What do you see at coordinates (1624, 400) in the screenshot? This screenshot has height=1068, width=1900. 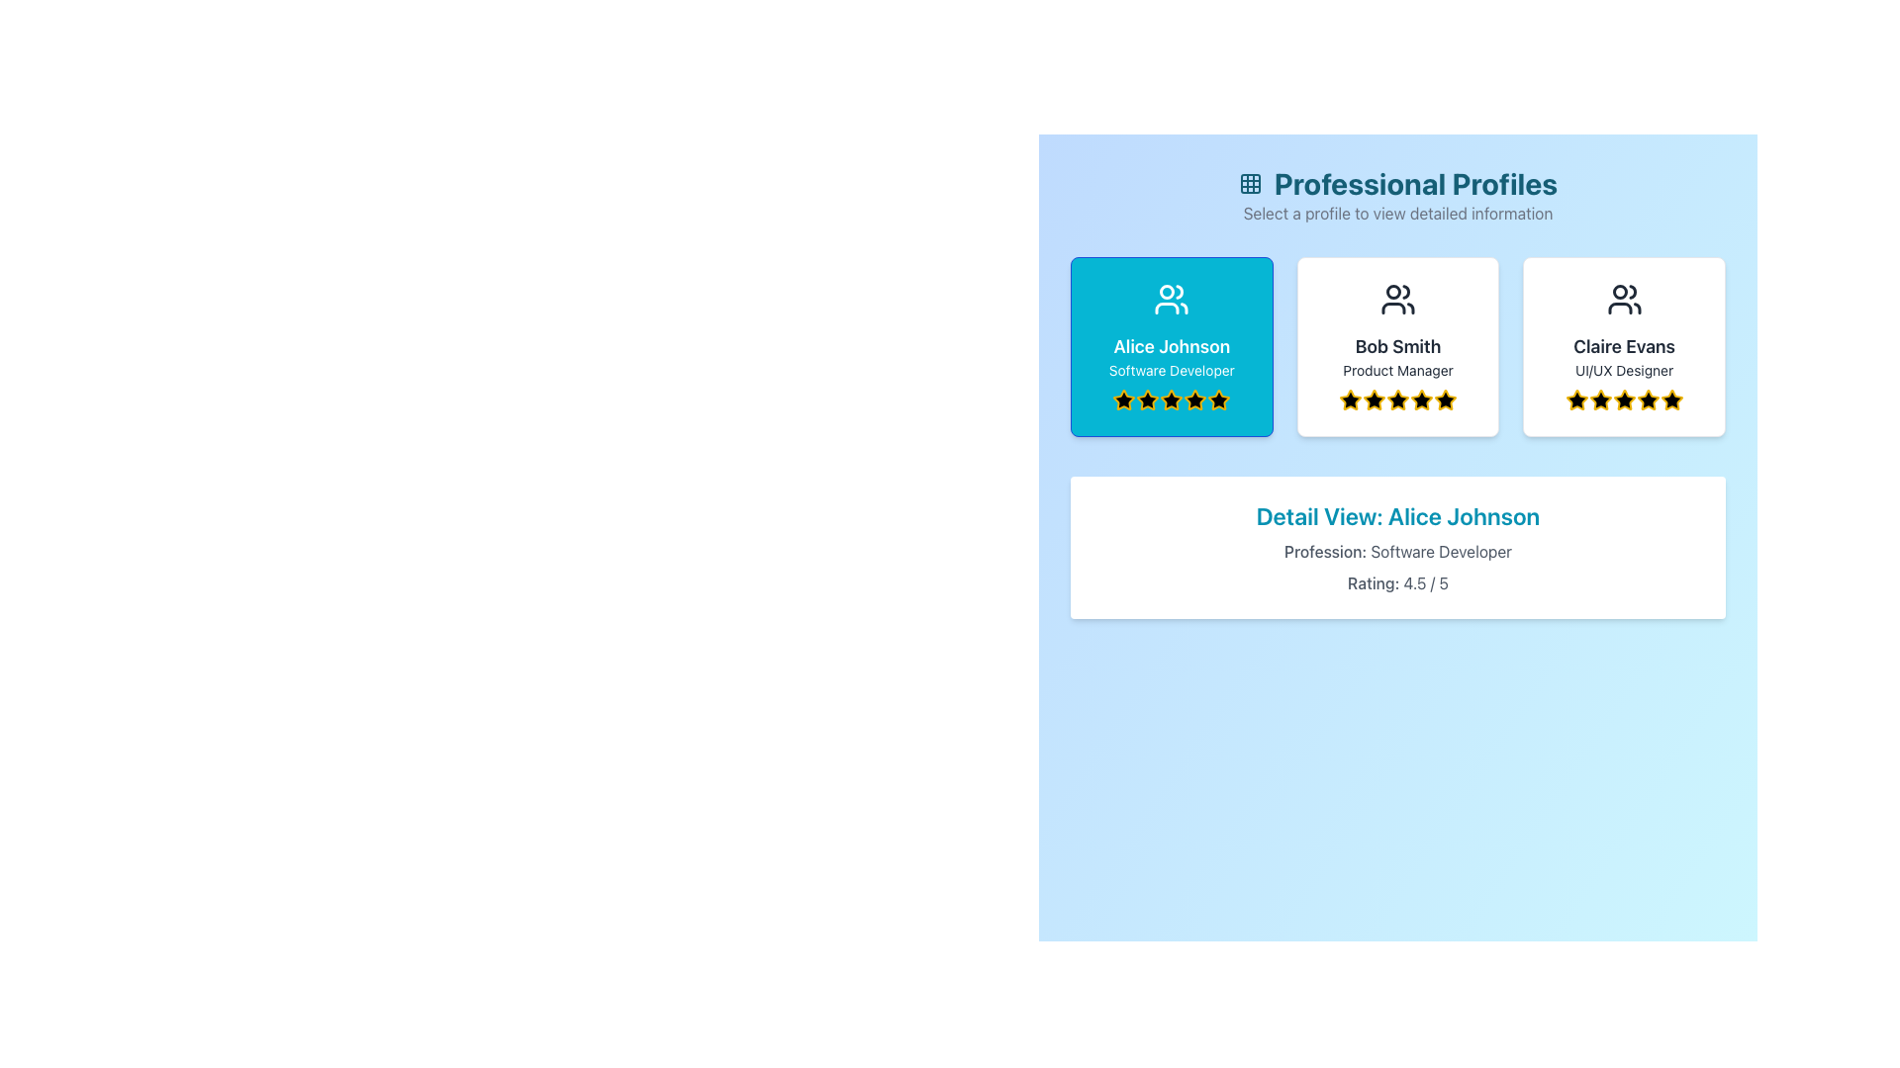 I see `the third rating star icon in the rating section of Claire Evans' profile card` at bounding box center [1624, 400].